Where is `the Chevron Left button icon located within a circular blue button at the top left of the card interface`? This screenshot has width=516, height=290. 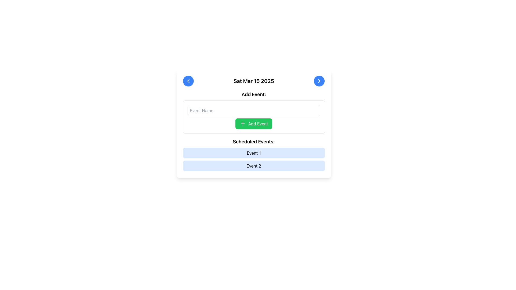
the Chevron Left button icon located within a circular blue button at the top left of the card interface is located at coordinates (188, 81).